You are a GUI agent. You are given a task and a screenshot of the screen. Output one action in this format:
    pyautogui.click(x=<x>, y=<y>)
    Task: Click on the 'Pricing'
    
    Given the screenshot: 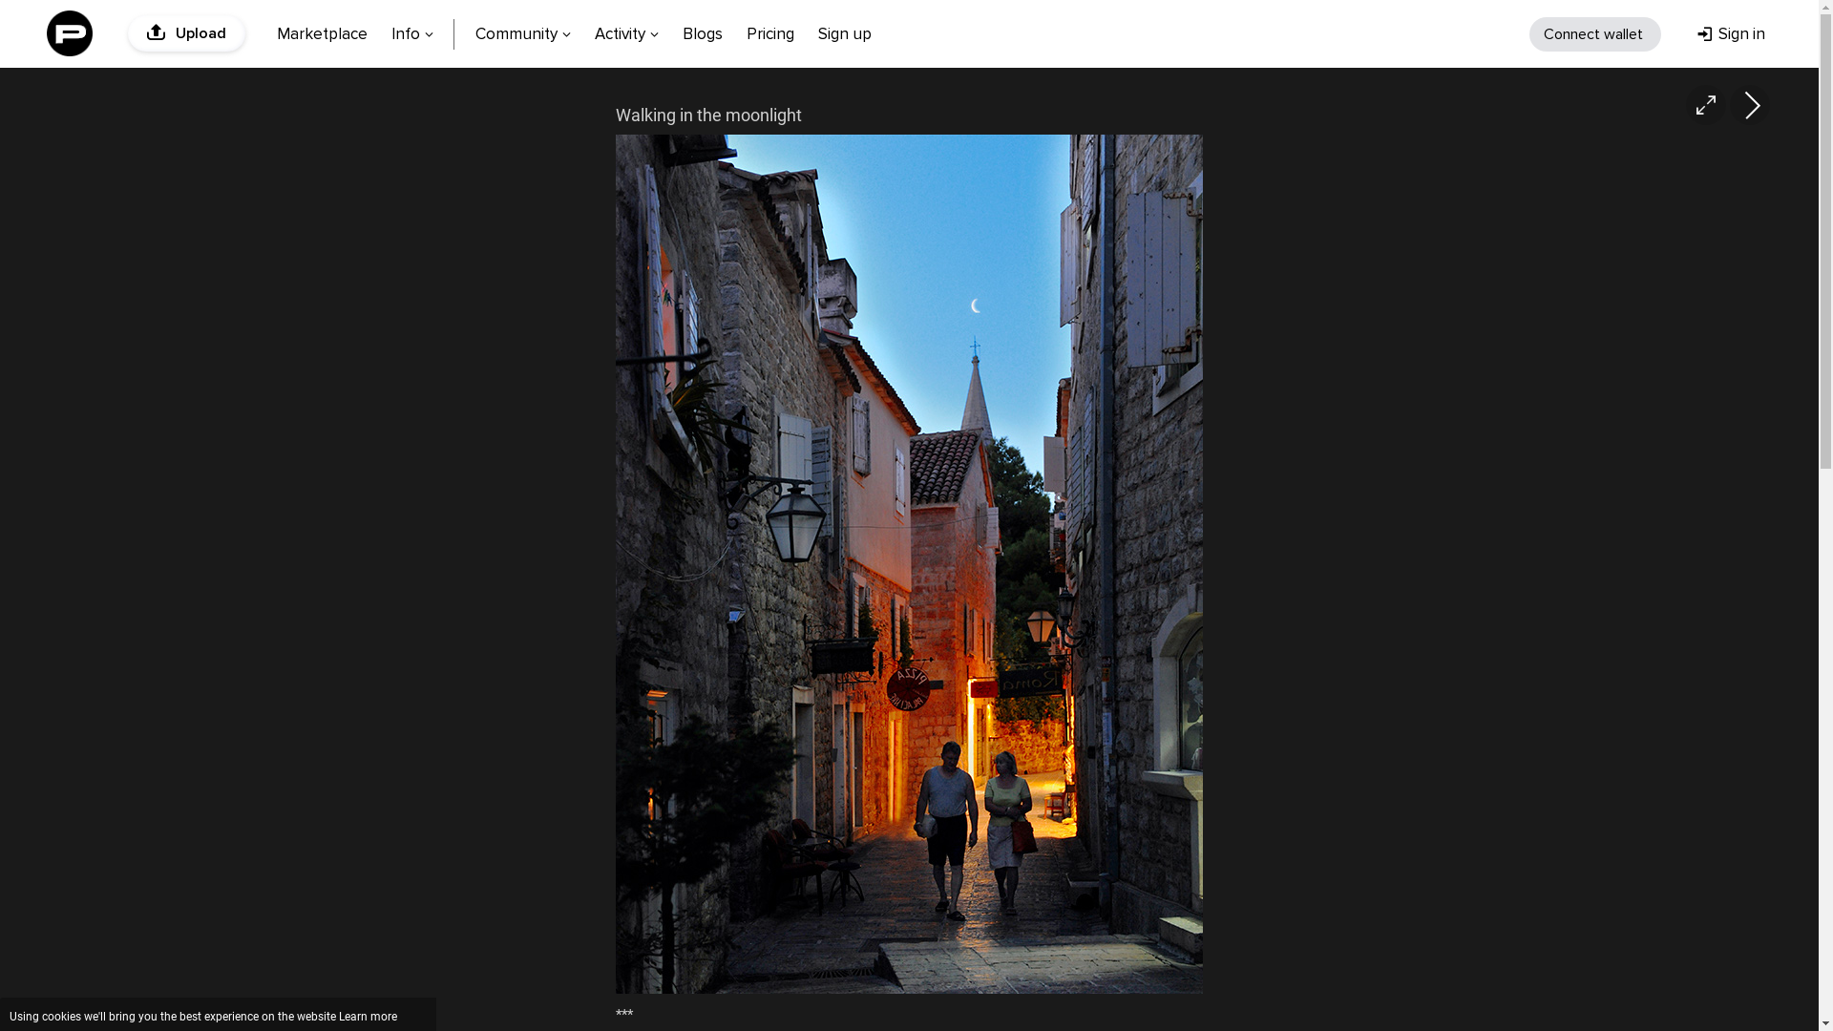 What is the action you would take?
    pyautogui.click(x=769, y=32)
    